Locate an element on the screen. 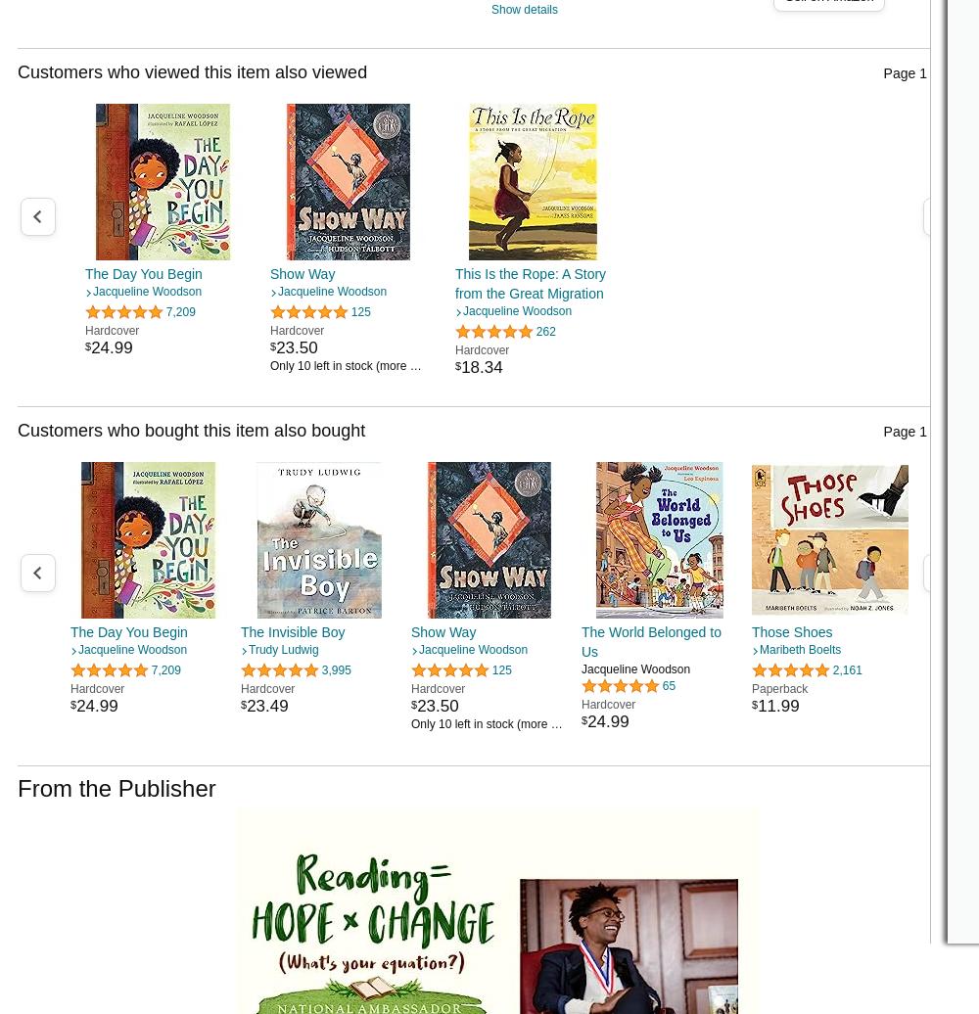  'Maribeth Boelts' is located at coordinates (799, 649).